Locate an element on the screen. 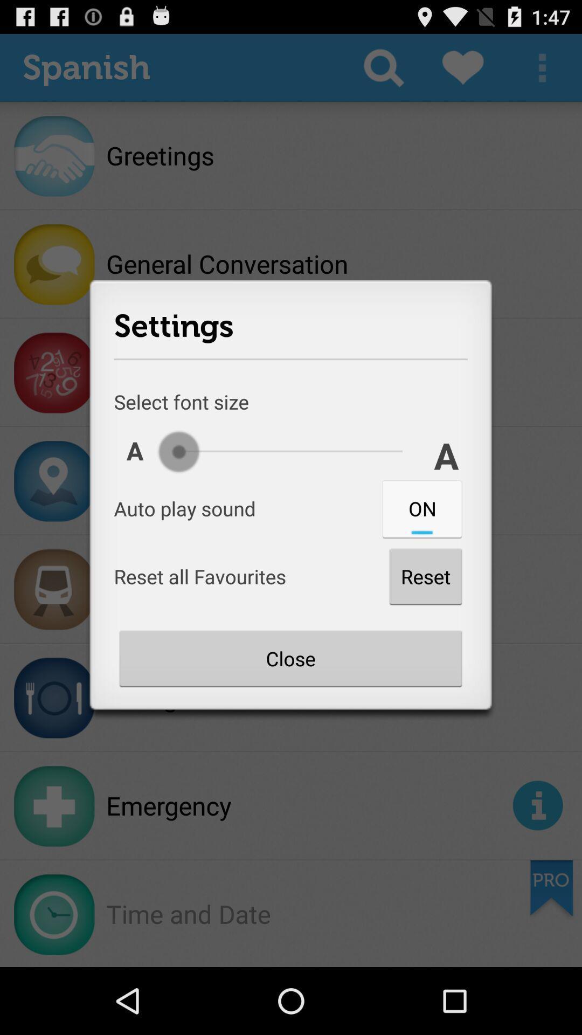 This screenshot has height=1035, width=582. close icon is located at coordinates (290, 658).